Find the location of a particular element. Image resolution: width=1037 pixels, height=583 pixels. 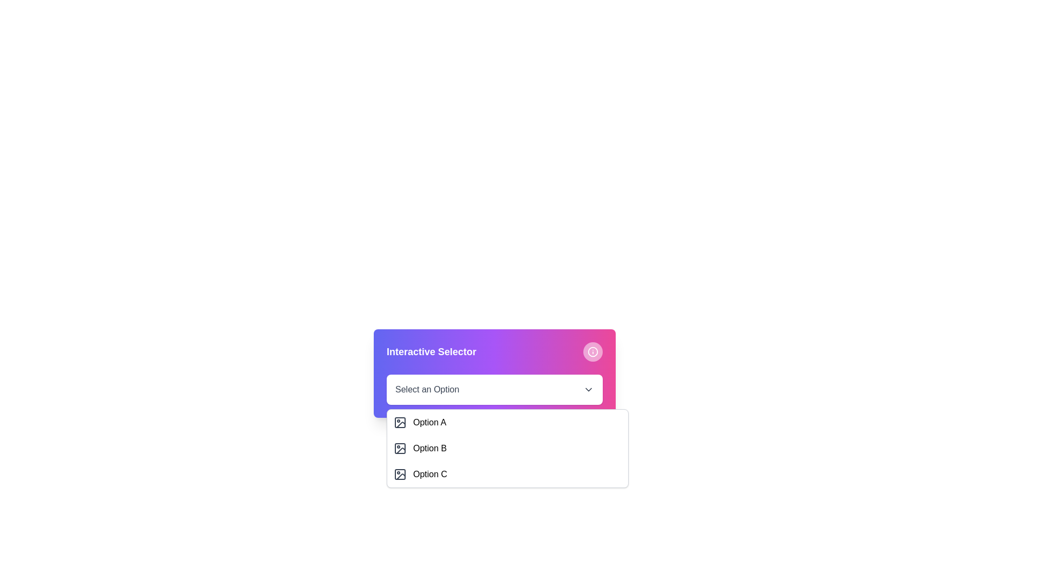

the compact icon resembling an image placeholder, which is the leftmost element in the Option C row of the dropdown menu in the Interactive Selector interface is located at coordinates (399, 474).